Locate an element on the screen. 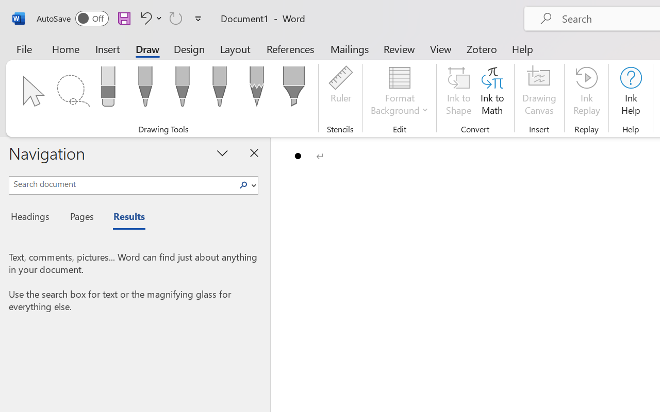 This screenshot has width=660, height=412. 'Ink to Shape' is located at coordinates (458, 92).